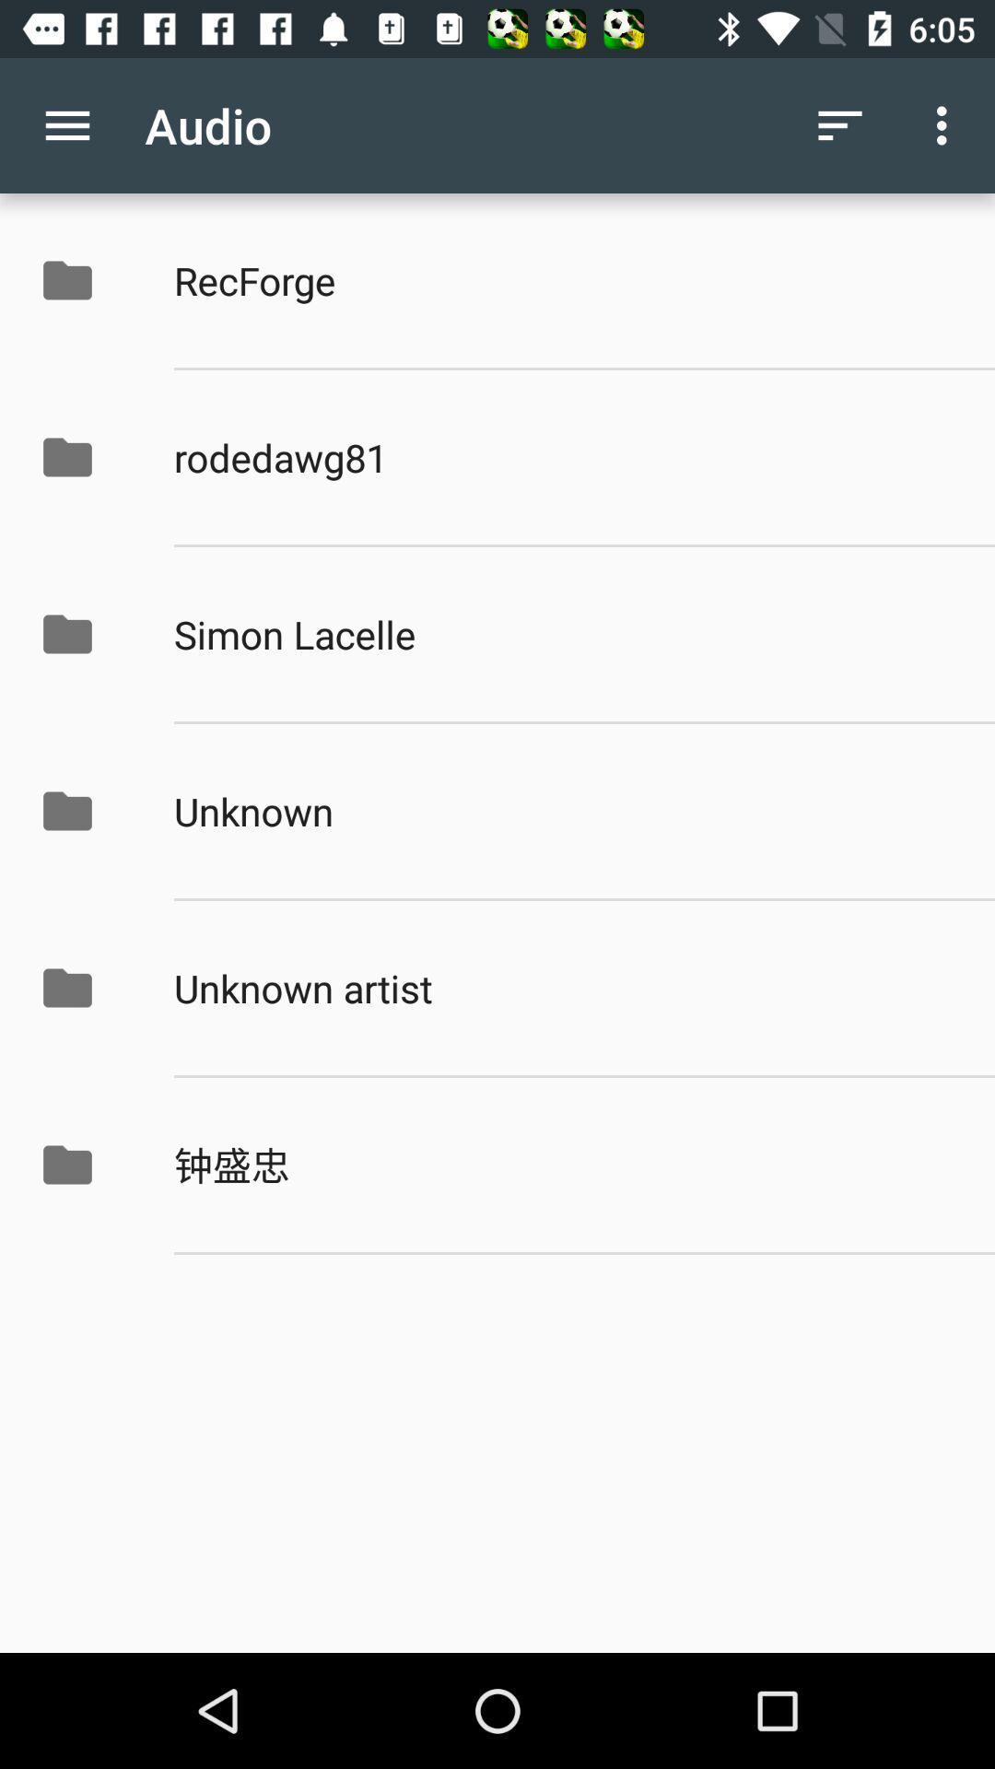  Describe the element at coordinates (564, 279) in the screenshot. I see `recforge icon` at that location.